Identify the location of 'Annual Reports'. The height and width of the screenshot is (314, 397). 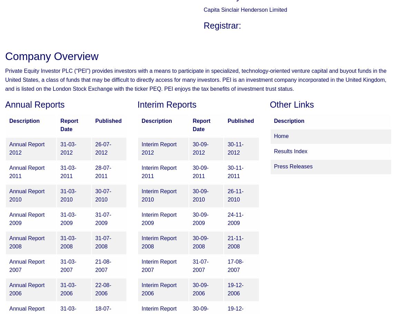
(4, 105).